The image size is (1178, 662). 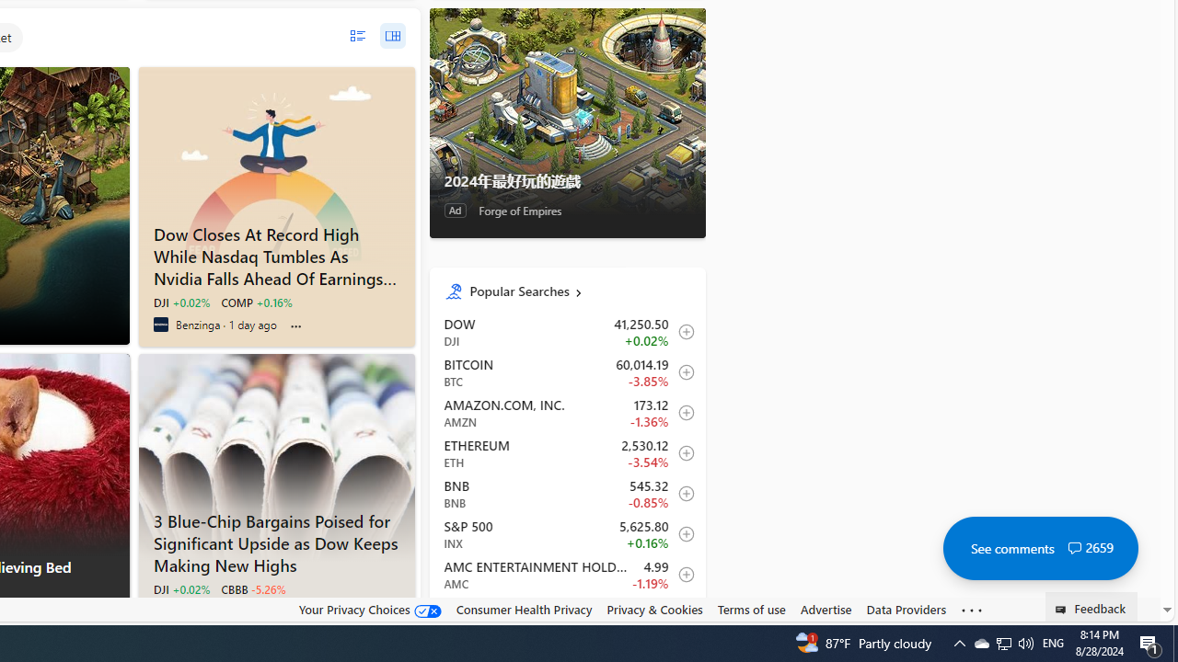 I want to click on 'Class: oneFooter_seeMore-DS-EntryPoint1-1', so click(x=971, y=610).